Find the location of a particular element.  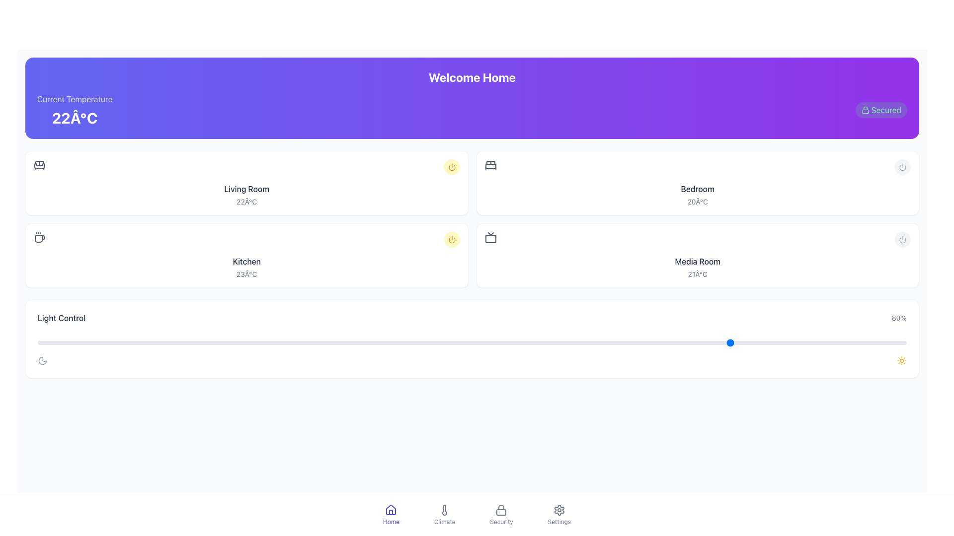

the small circular power icon located at the top-right corner of the 'Bedroom' section is located at coordinates (903, 239).